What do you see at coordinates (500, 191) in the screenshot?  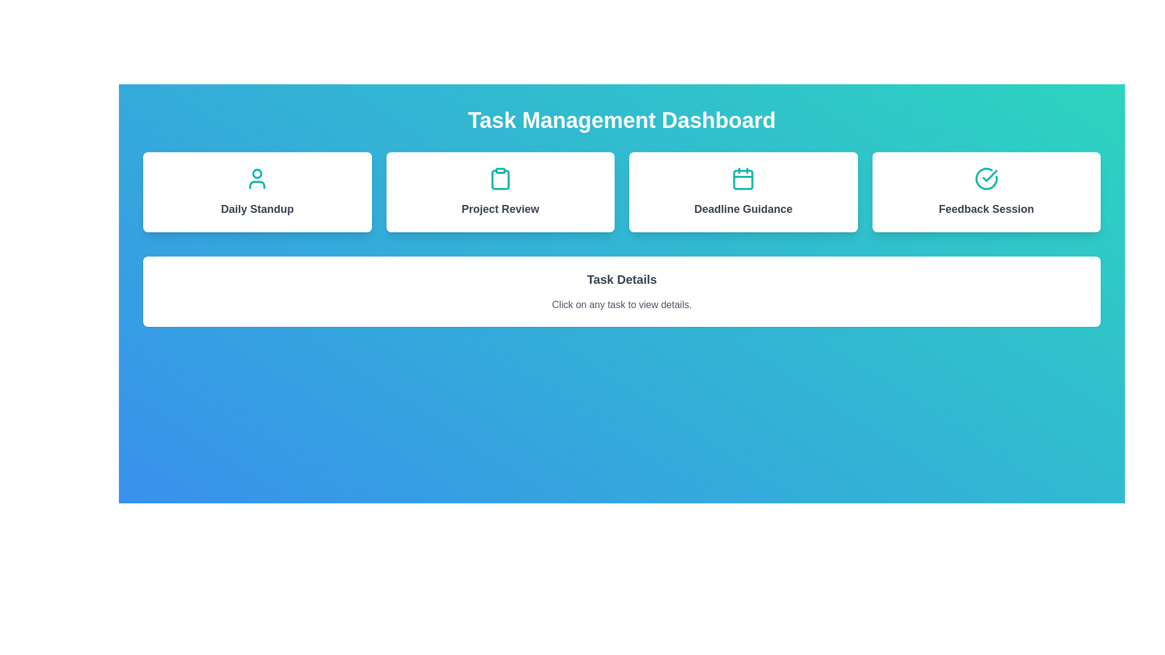 I see `the 'Project Review' button-like selectable card located in the second column of the grid layout, positioned between the 'Daily Standup' and 'Deadline Guidance' cards` at bounding box center [500, 191].